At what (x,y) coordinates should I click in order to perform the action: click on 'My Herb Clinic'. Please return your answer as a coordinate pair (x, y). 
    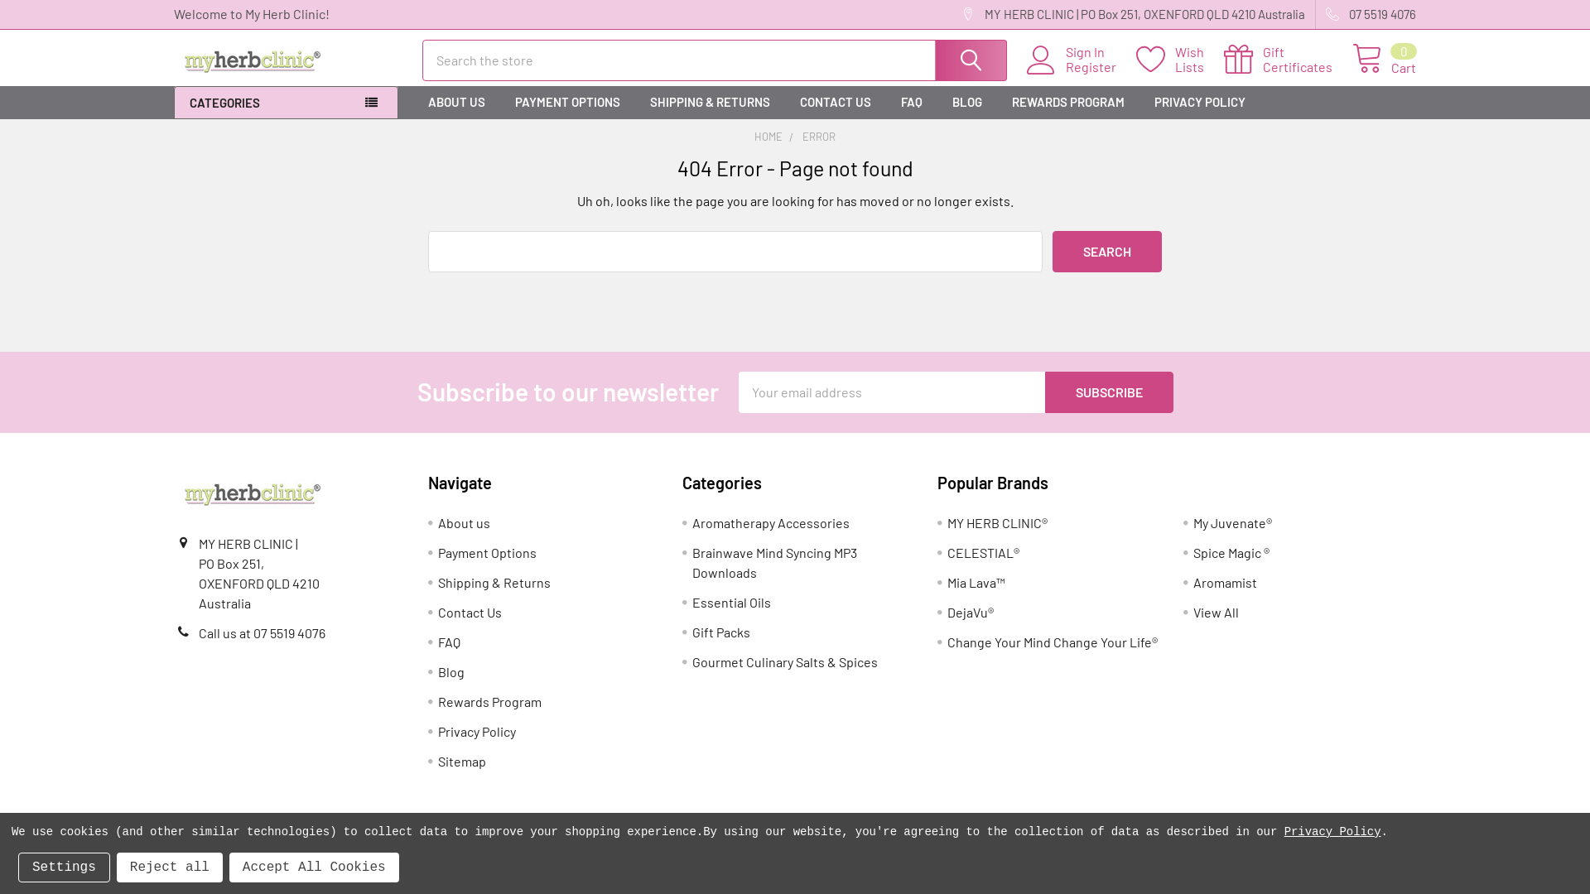
    Looking at the image, I should click on (252, 60).